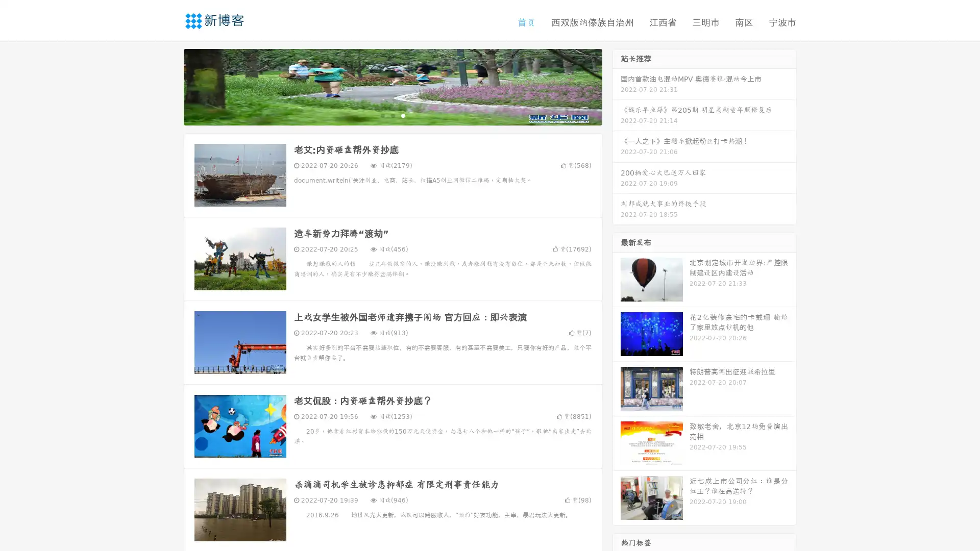 The width and height of the screenshot is (980, 551). I want to click on Next slide, so click(617, 86).